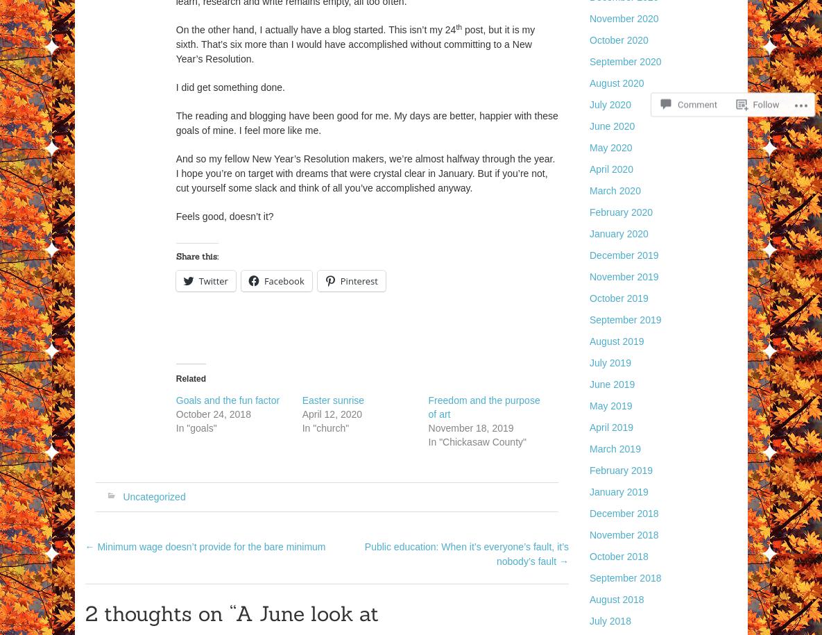  What do you see at coordinates (677, 99) in the screenshot?
I see `'Comment'` at bounding box center [677, 99].